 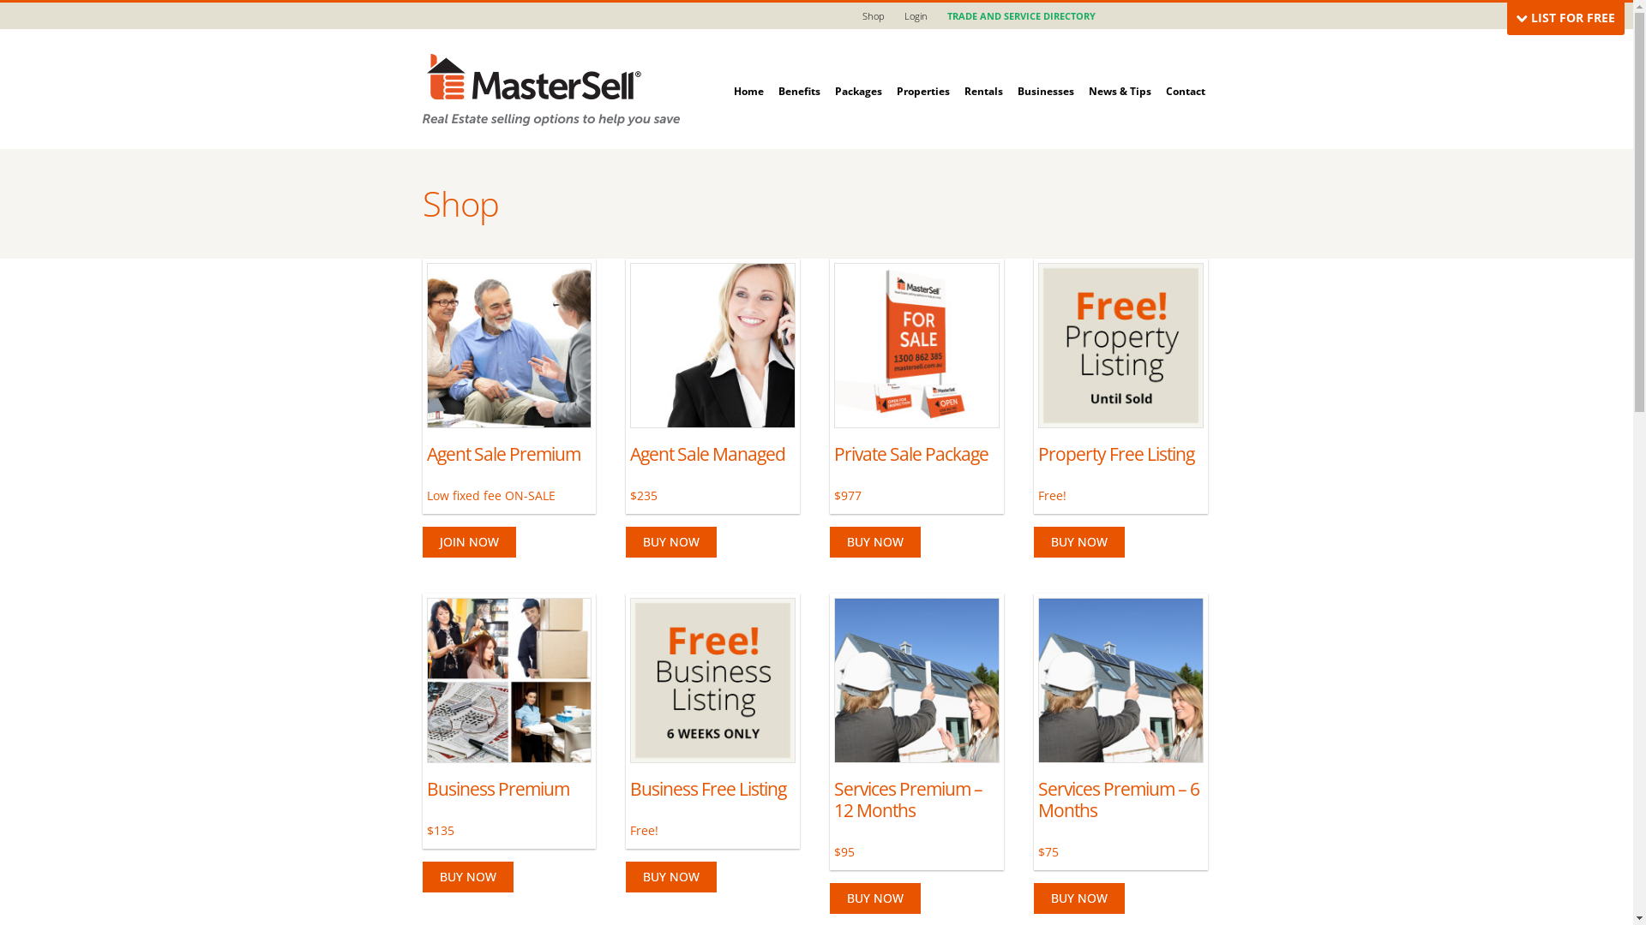 What do you see at coordinates (1044, 72) in the screenshot?
I see `'Businesses'` at bounding box center [1044, 72].